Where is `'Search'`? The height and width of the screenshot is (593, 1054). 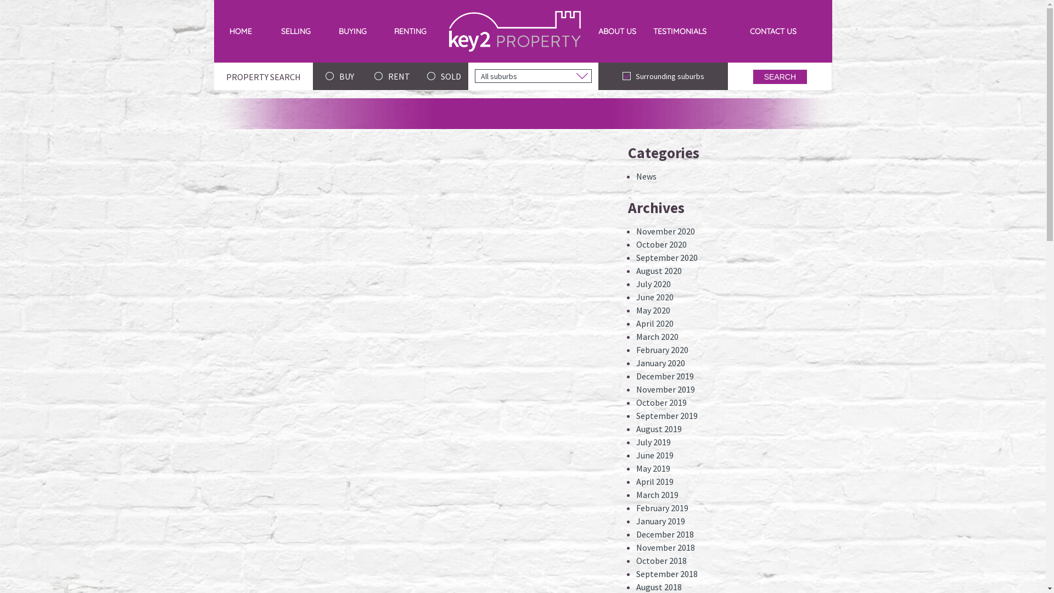 'Search' is located at coordinates (779, 76).